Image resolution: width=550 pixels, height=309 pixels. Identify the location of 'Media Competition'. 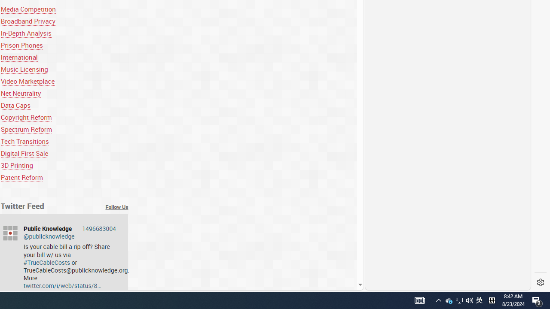
(28, 9).